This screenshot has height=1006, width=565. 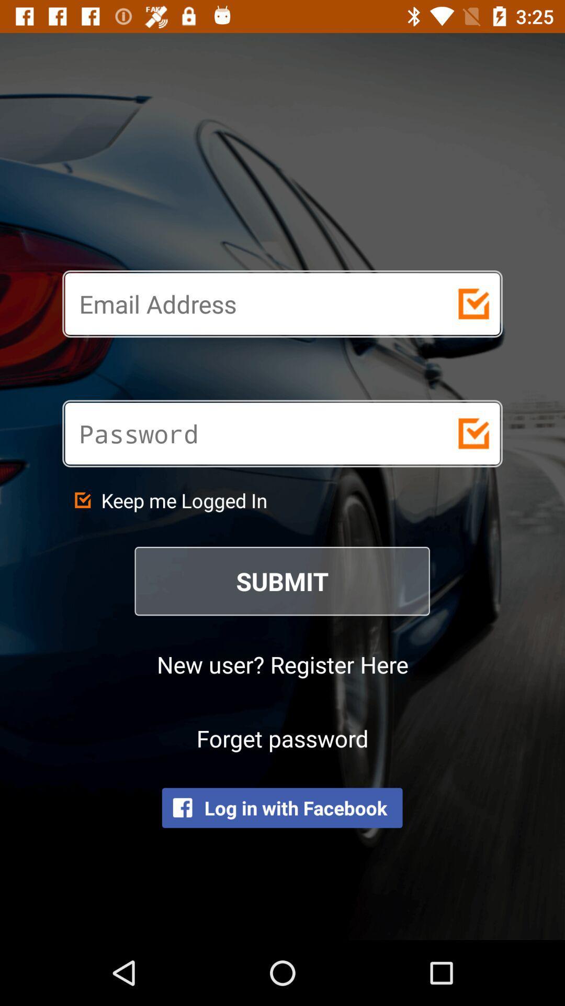 What do you see at coordinates (282, 581) in the screenshot?
I see `the submit` at bounding box center [282, 581].